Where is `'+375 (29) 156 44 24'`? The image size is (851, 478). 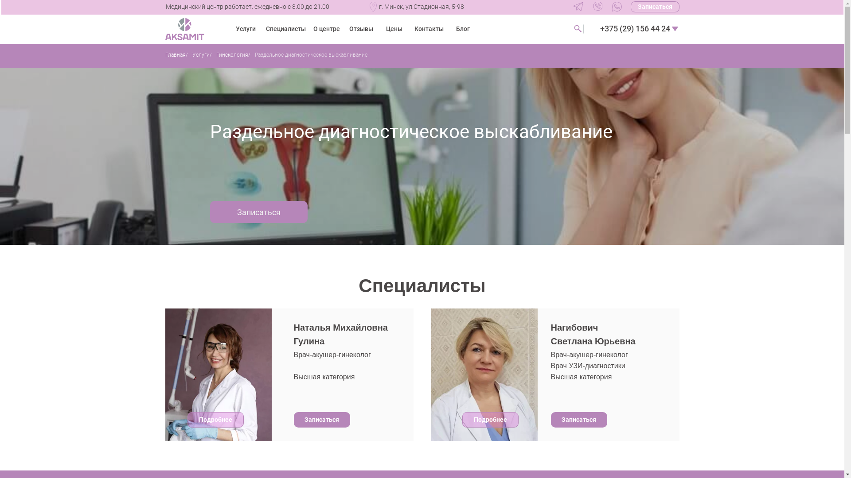 '+375 (29) 156 44 24' is located at coordinates (634, 28).